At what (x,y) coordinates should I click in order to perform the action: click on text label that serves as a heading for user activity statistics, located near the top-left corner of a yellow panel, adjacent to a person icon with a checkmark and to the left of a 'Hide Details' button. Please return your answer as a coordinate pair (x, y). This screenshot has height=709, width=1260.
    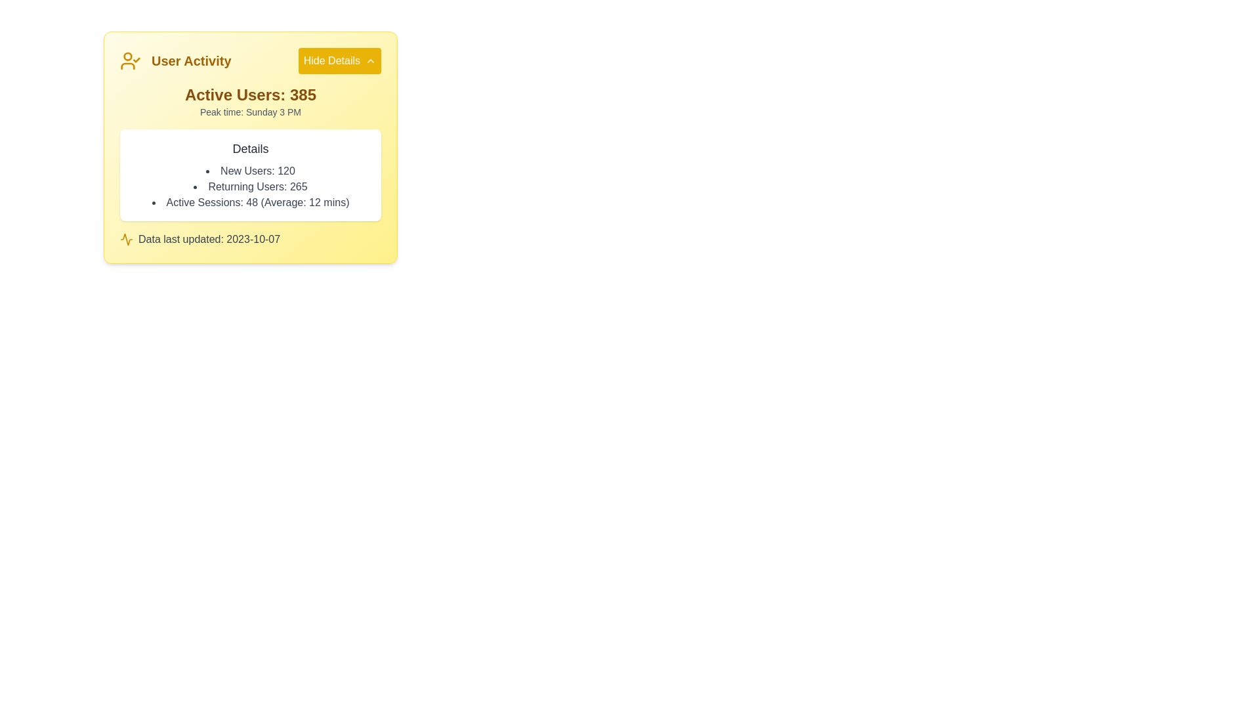
    Looking at the image, I should click on (190, 60).